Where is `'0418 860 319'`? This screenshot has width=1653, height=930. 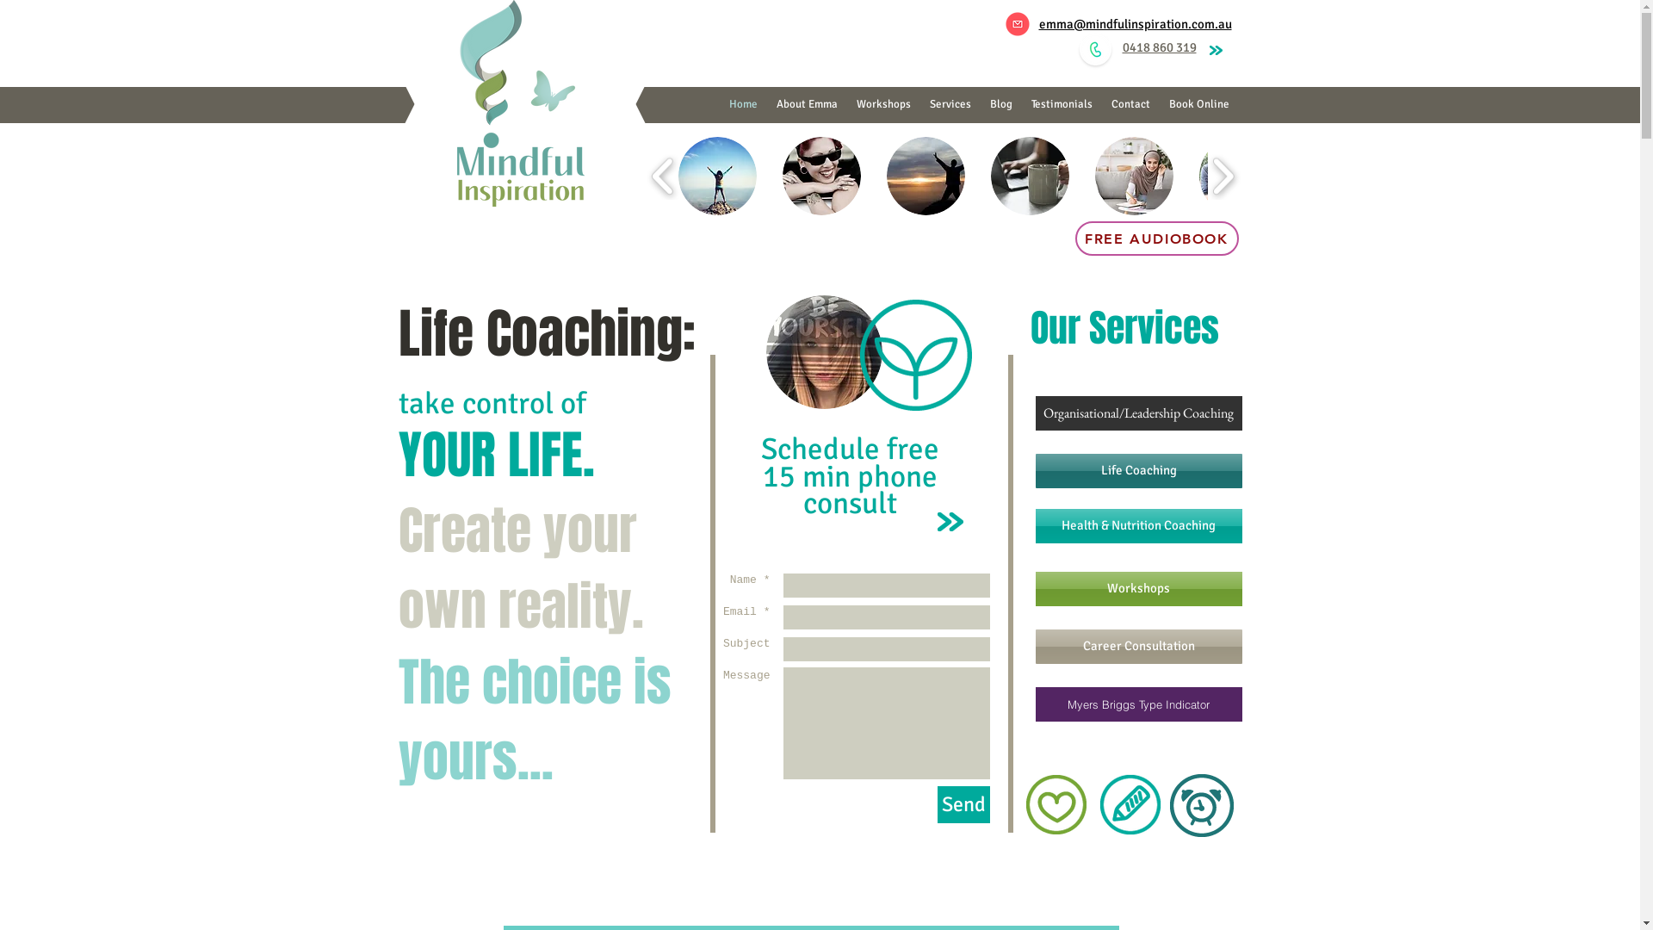 '0418 860 319' is located at coordinates (1160, 46).